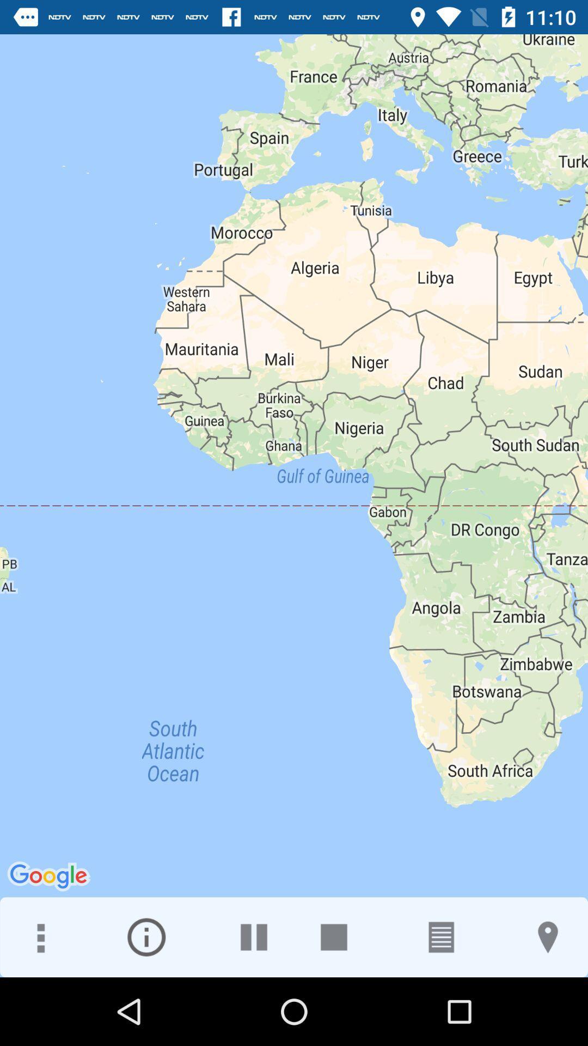 Image resolution: width=588 pixels, height=1046 pixels. What do you see at coordinates (254, 936) in the screenshot?
I see `the pause icon` at bounding box center [254, 936].